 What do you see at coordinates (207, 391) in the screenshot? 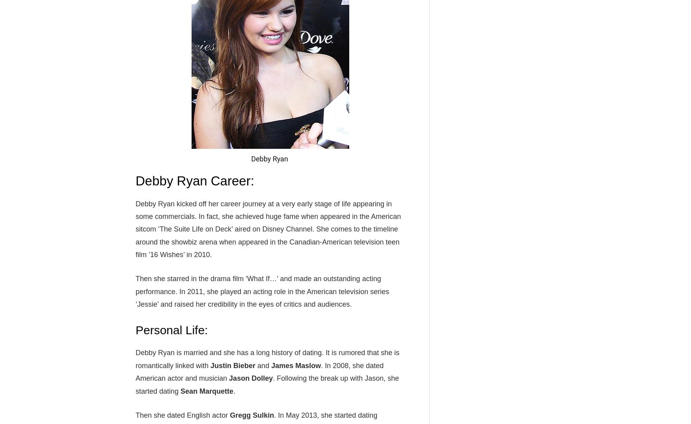
I see `'Sean Marquette'` at bounding box center [207, 391].